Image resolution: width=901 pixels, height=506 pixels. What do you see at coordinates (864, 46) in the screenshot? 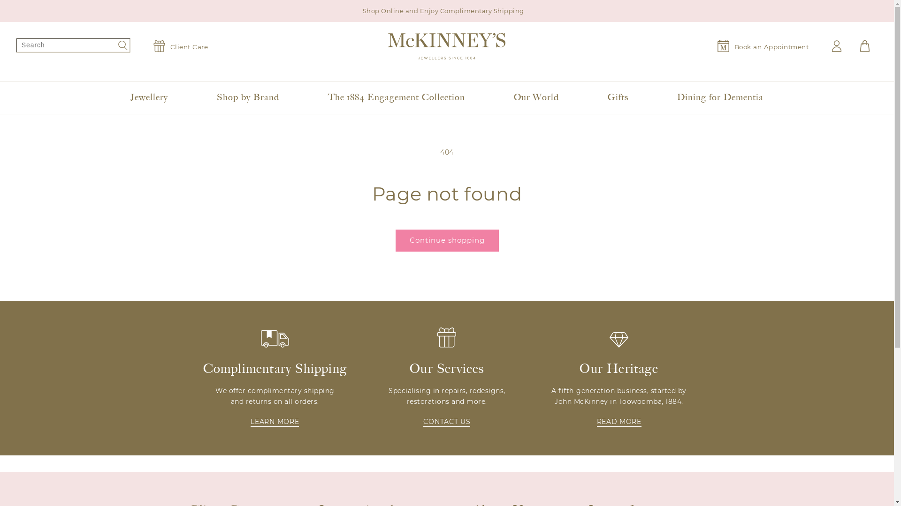
I see `'Cart'` at bounding box center [864, 46].